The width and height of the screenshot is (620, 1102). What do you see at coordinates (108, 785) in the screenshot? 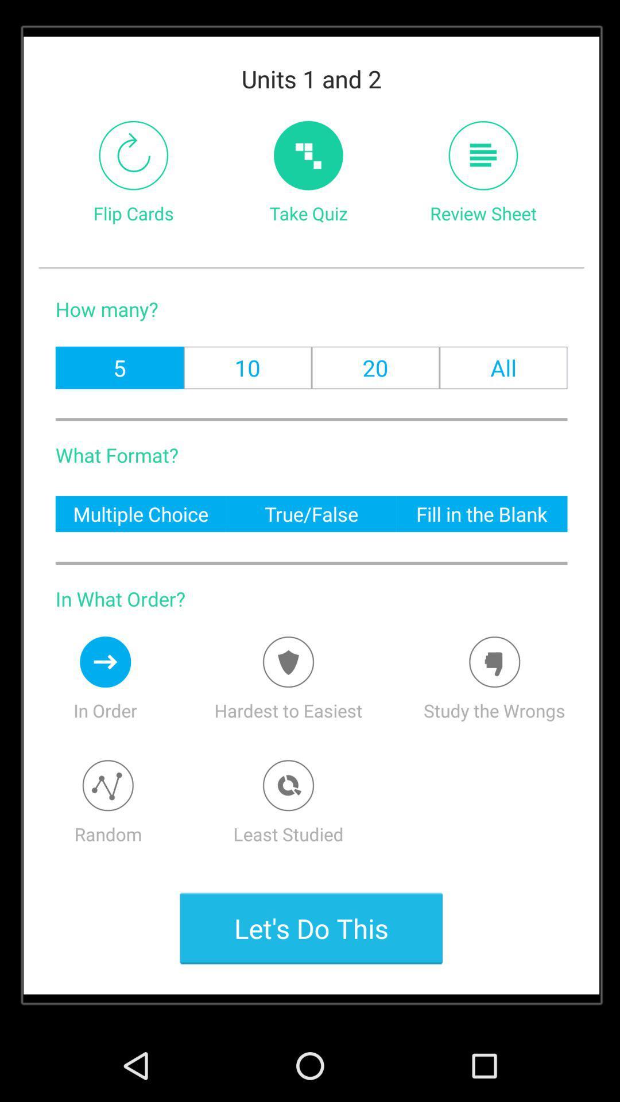
I see `sort by random` at bounding box center [108, 785].